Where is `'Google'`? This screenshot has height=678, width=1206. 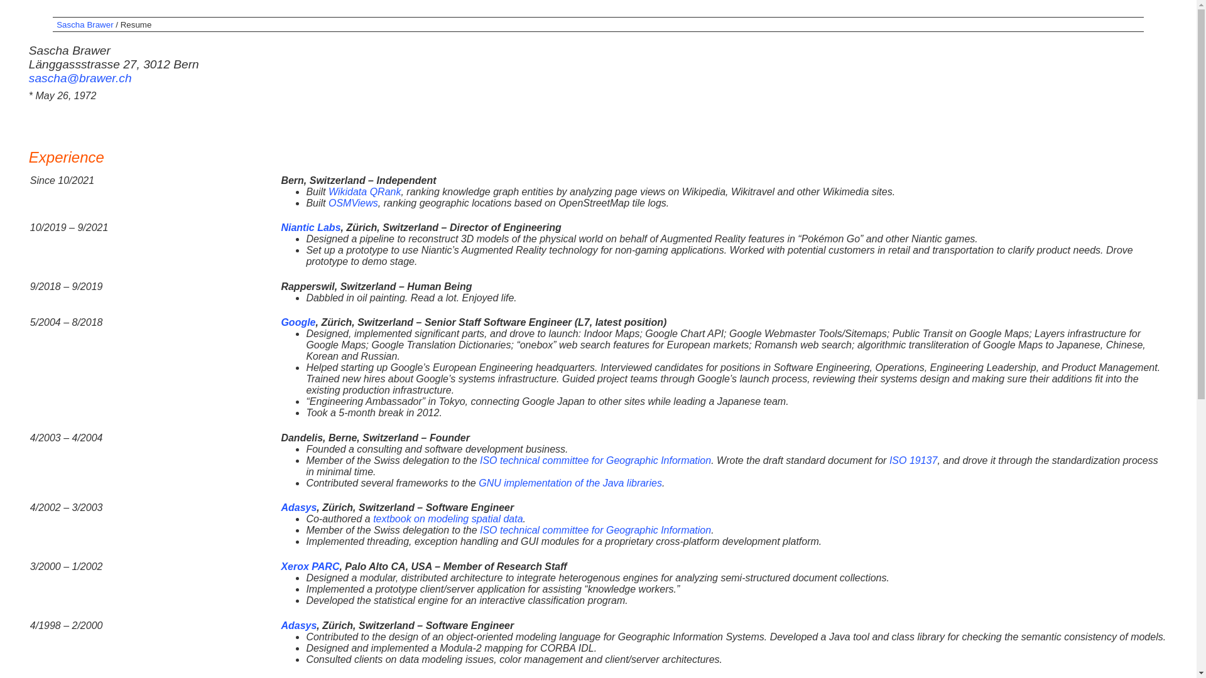
'Google' is located at coordinates (280, 321).